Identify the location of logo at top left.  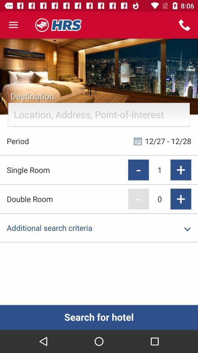
(58, 25).